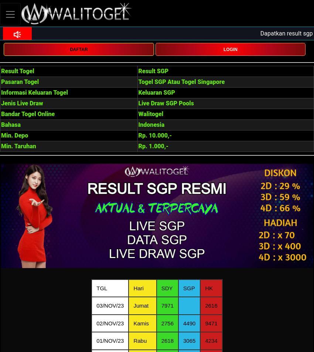  Describe the element at coordinates (34, 92) in the screenshot. I see `'Informasi Keluaran Togel'` at that location.